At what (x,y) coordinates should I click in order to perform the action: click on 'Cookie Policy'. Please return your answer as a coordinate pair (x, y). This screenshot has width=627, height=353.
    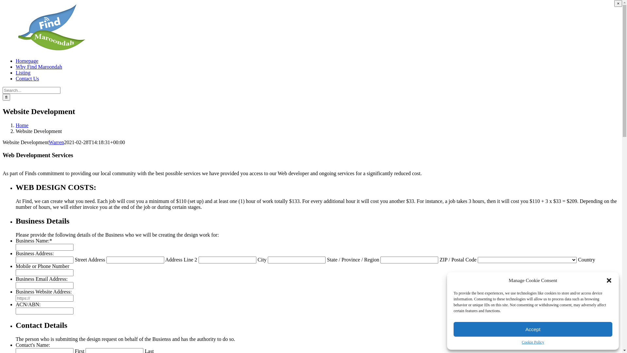
    Looking at the image, I should click on (533, 342).